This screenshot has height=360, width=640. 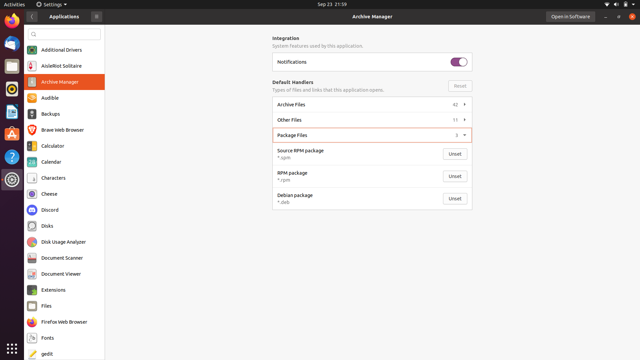 I want to click on Activate unset source rpm package, so click(x=455, y=154).